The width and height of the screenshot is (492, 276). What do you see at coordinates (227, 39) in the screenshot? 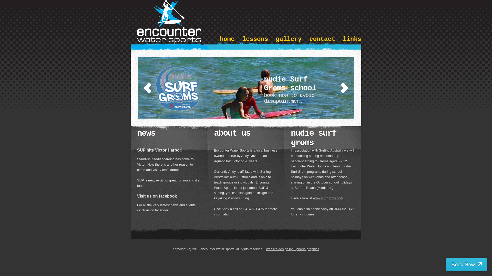
I see `'home'` at bounding box center [227, 39].